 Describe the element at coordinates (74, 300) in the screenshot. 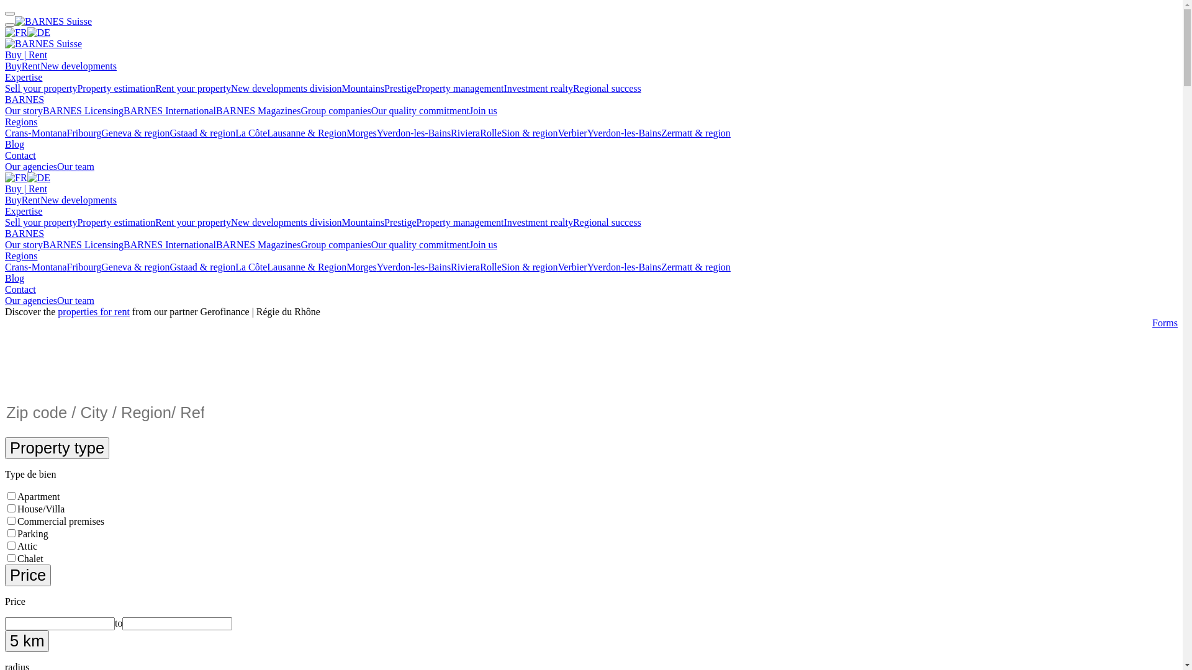

I see `'Our team'` at that location.